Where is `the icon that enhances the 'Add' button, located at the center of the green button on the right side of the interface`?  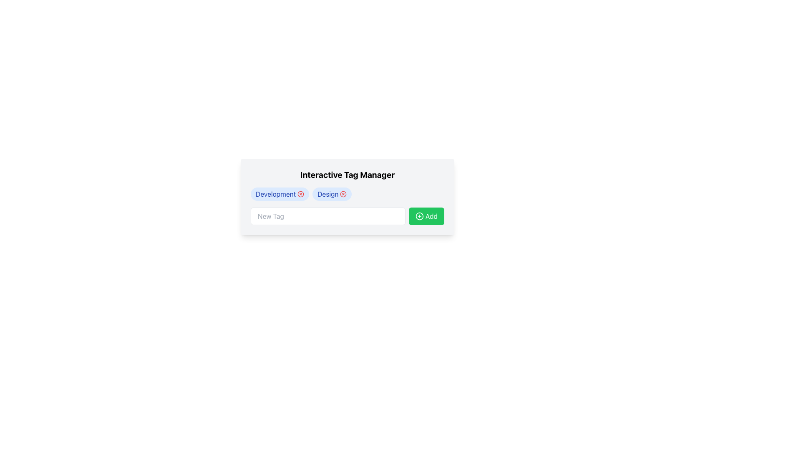
the icon that enhances the 'Add' button, located at the center of the green button on the right side of the interface is located at coordinates (419, 215).